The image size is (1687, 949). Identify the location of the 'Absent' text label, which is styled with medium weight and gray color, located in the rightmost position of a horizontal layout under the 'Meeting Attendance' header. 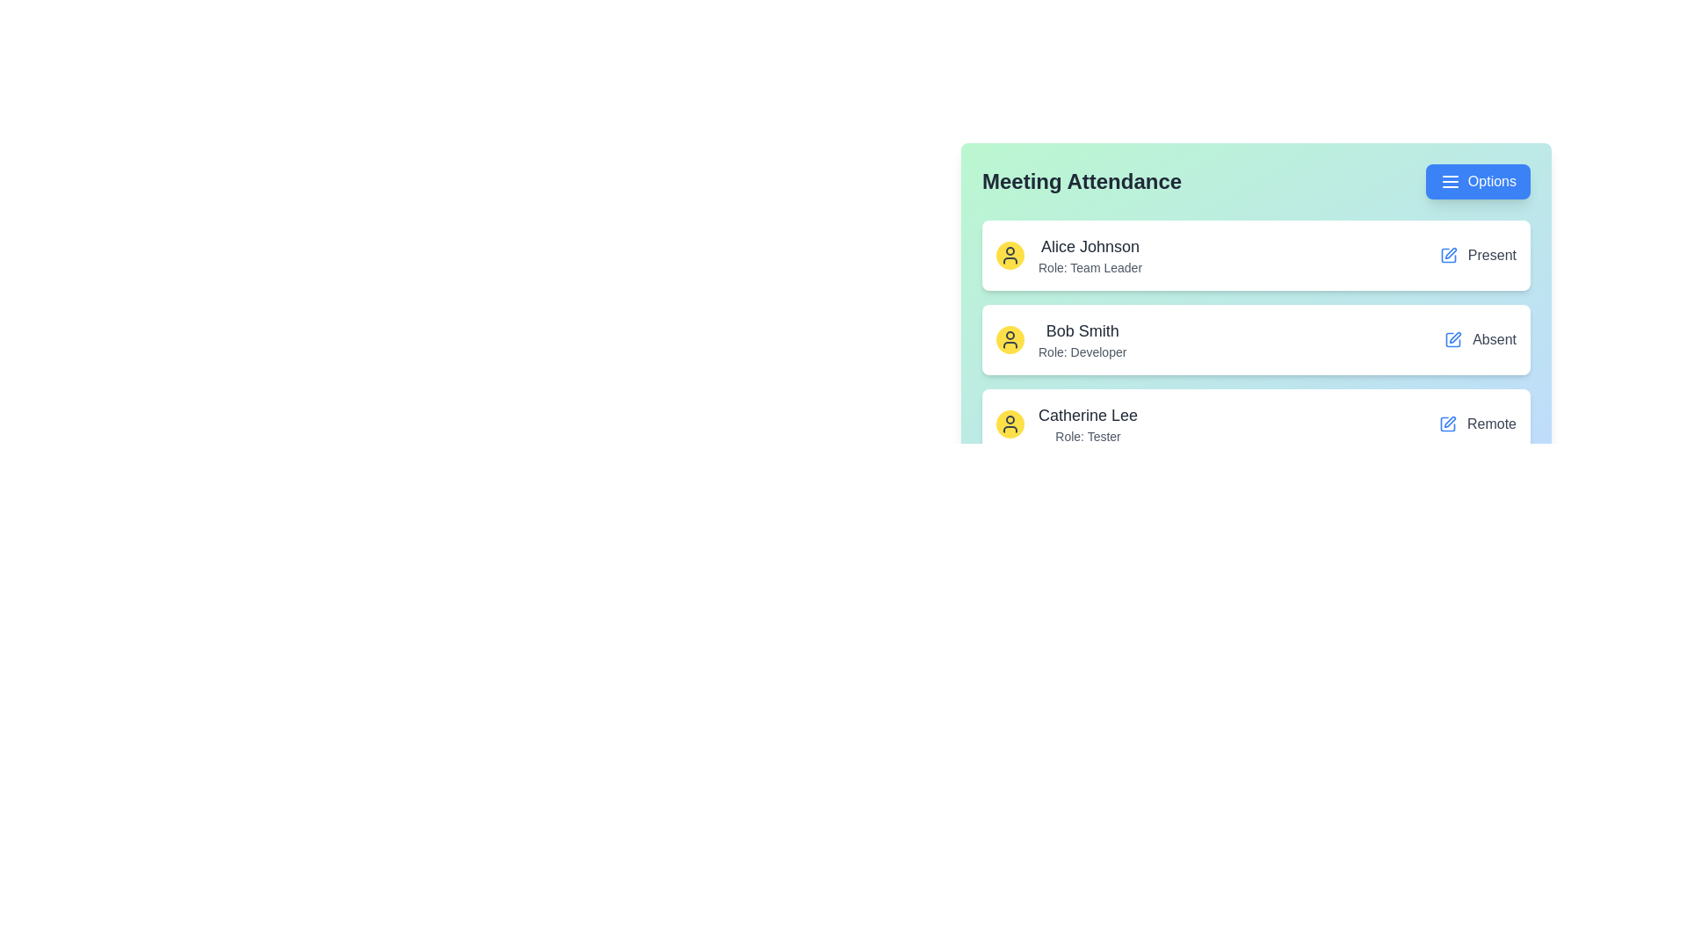
(1494, 339).